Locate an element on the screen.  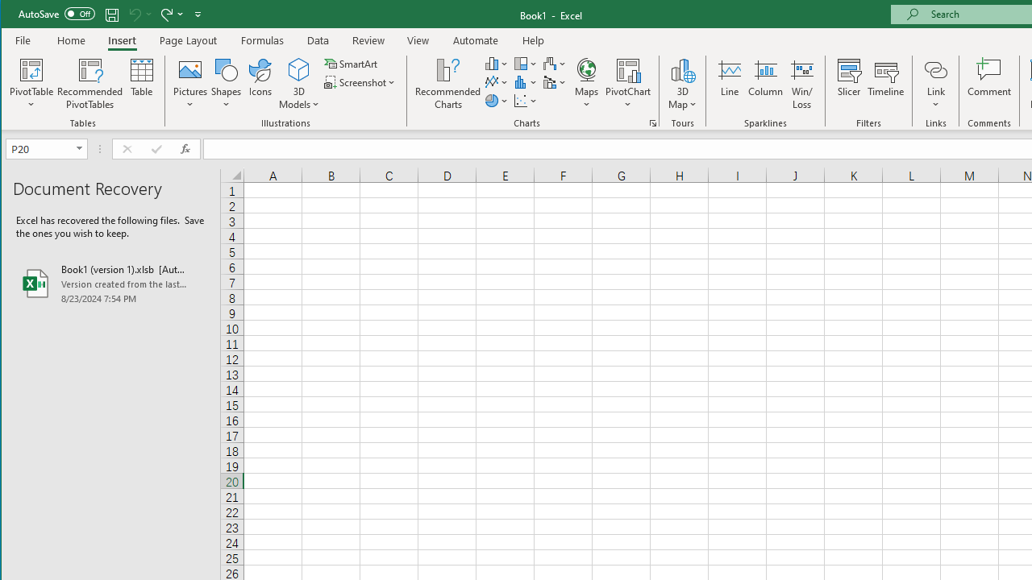
'Insert Combo Chart' is located at coordinates (555, 82).